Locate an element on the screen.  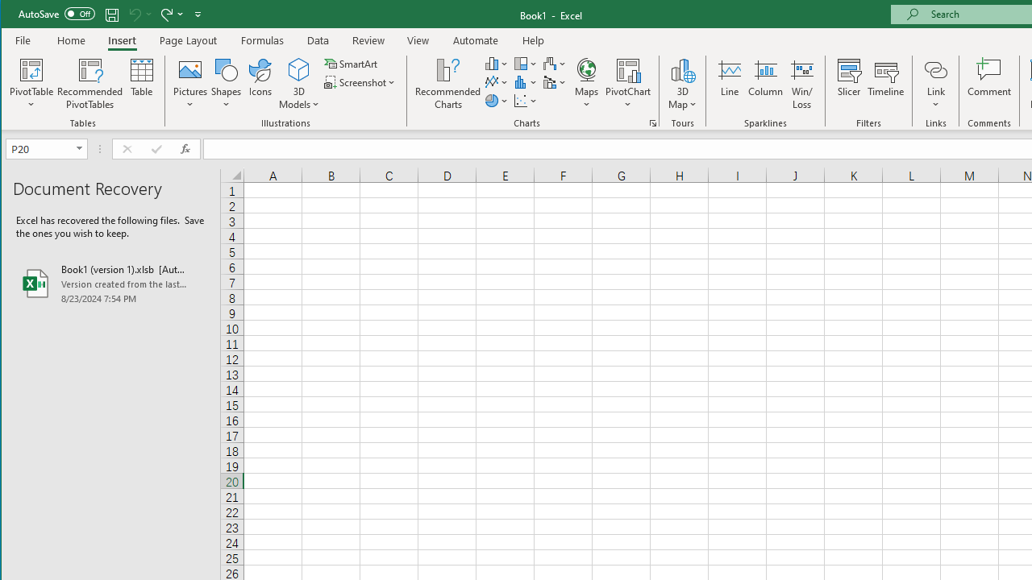
'Insert Combo Chart' is located at coordinates (555, 82).